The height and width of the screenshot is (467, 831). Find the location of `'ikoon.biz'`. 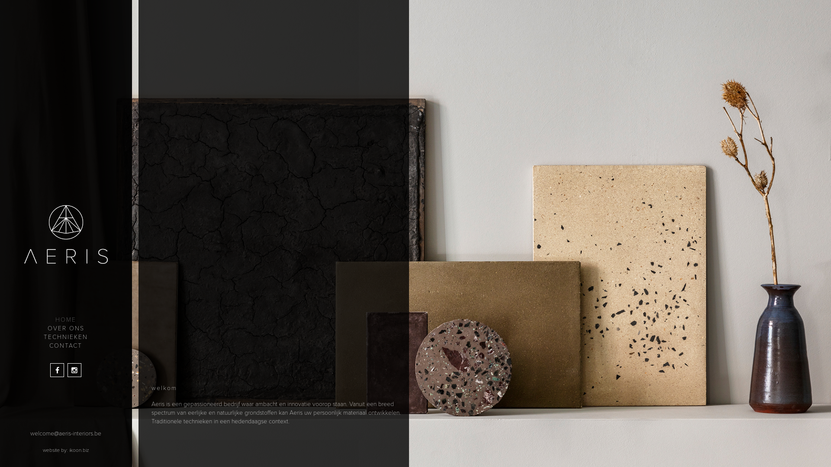

'ikoon.biz' is located at coordinates (79, 450).